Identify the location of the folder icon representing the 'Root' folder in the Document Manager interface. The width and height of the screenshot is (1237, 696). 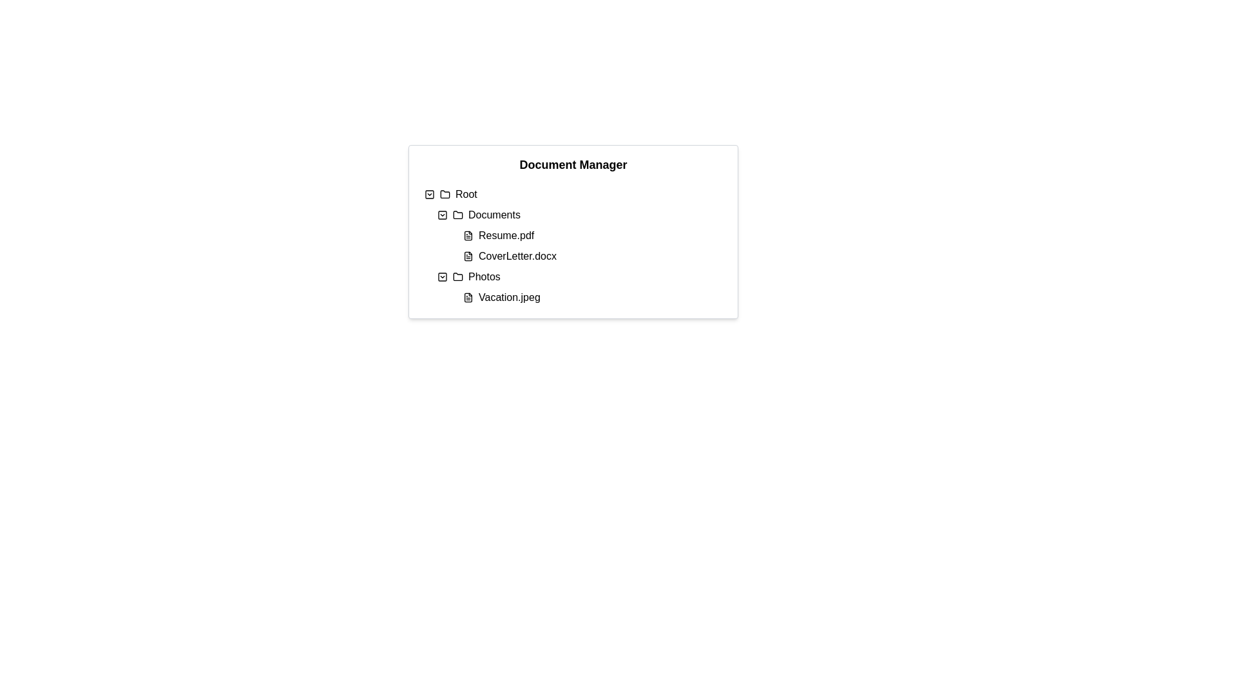
(445, 193).